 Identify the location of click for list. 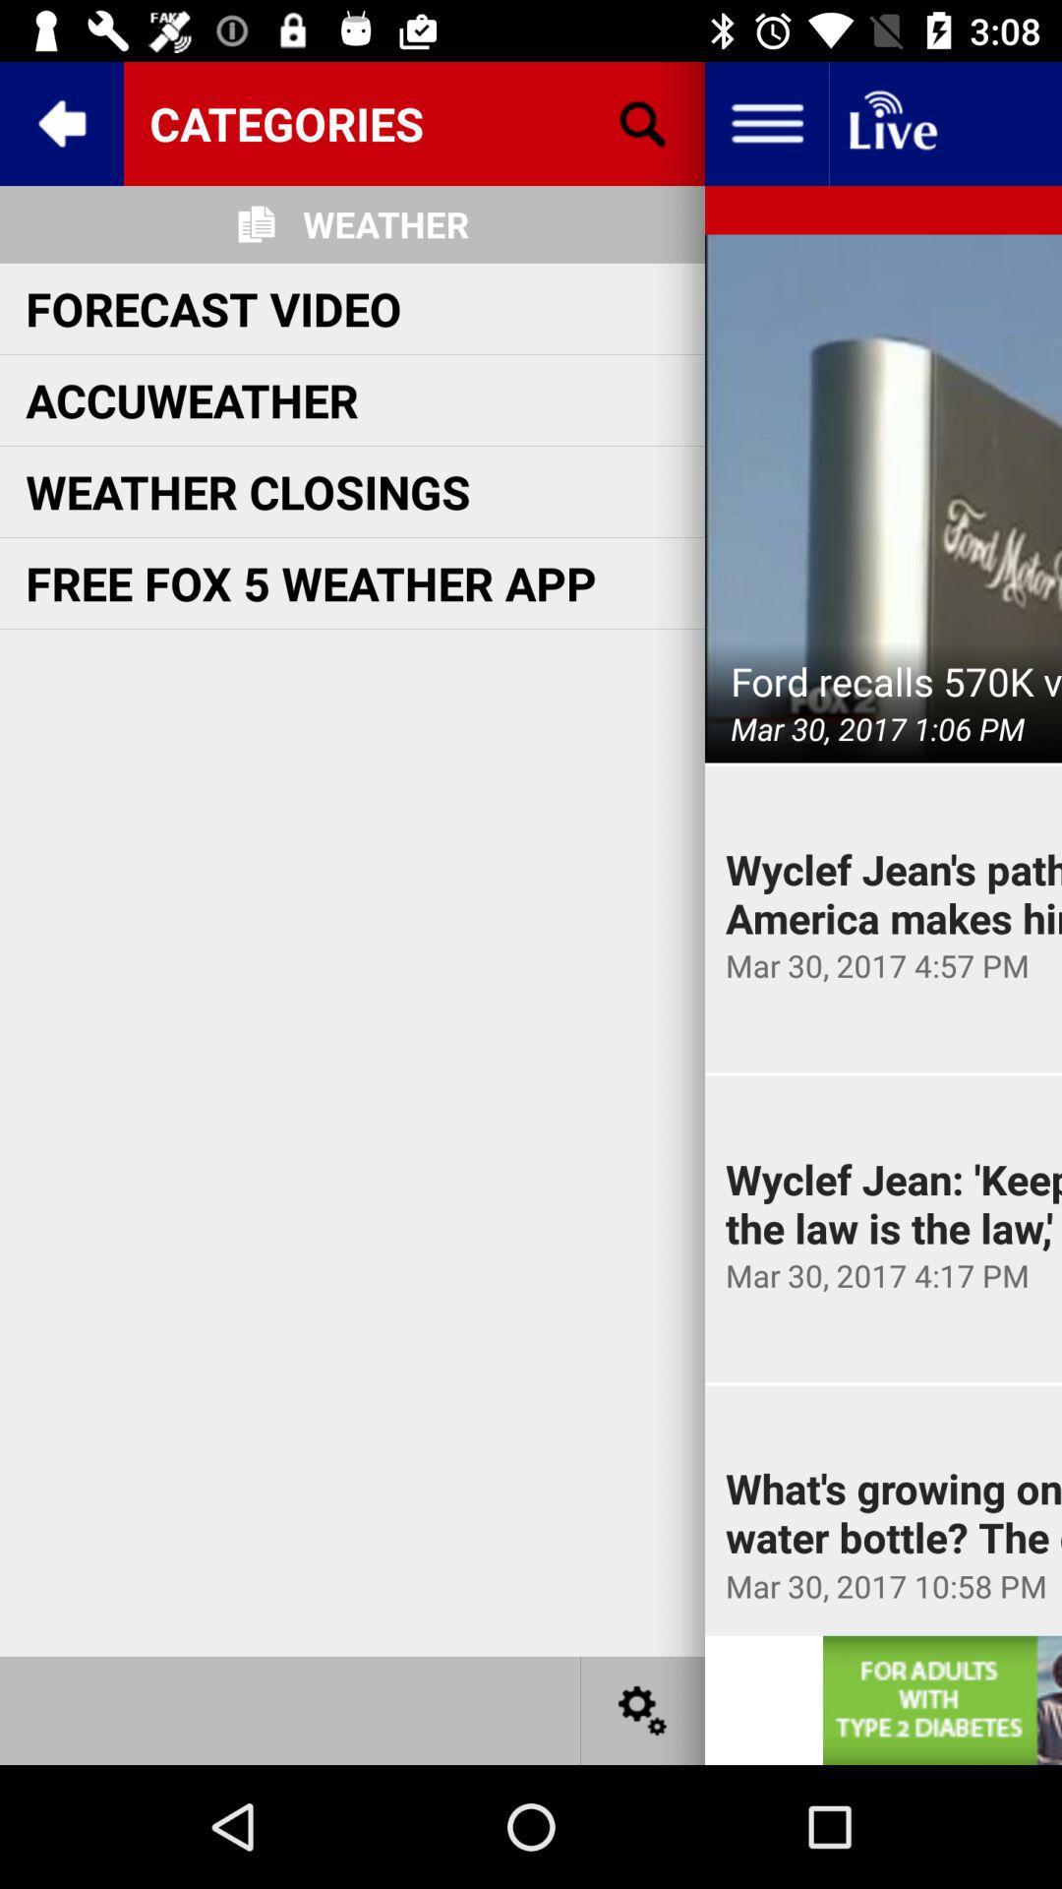
(765, 122).